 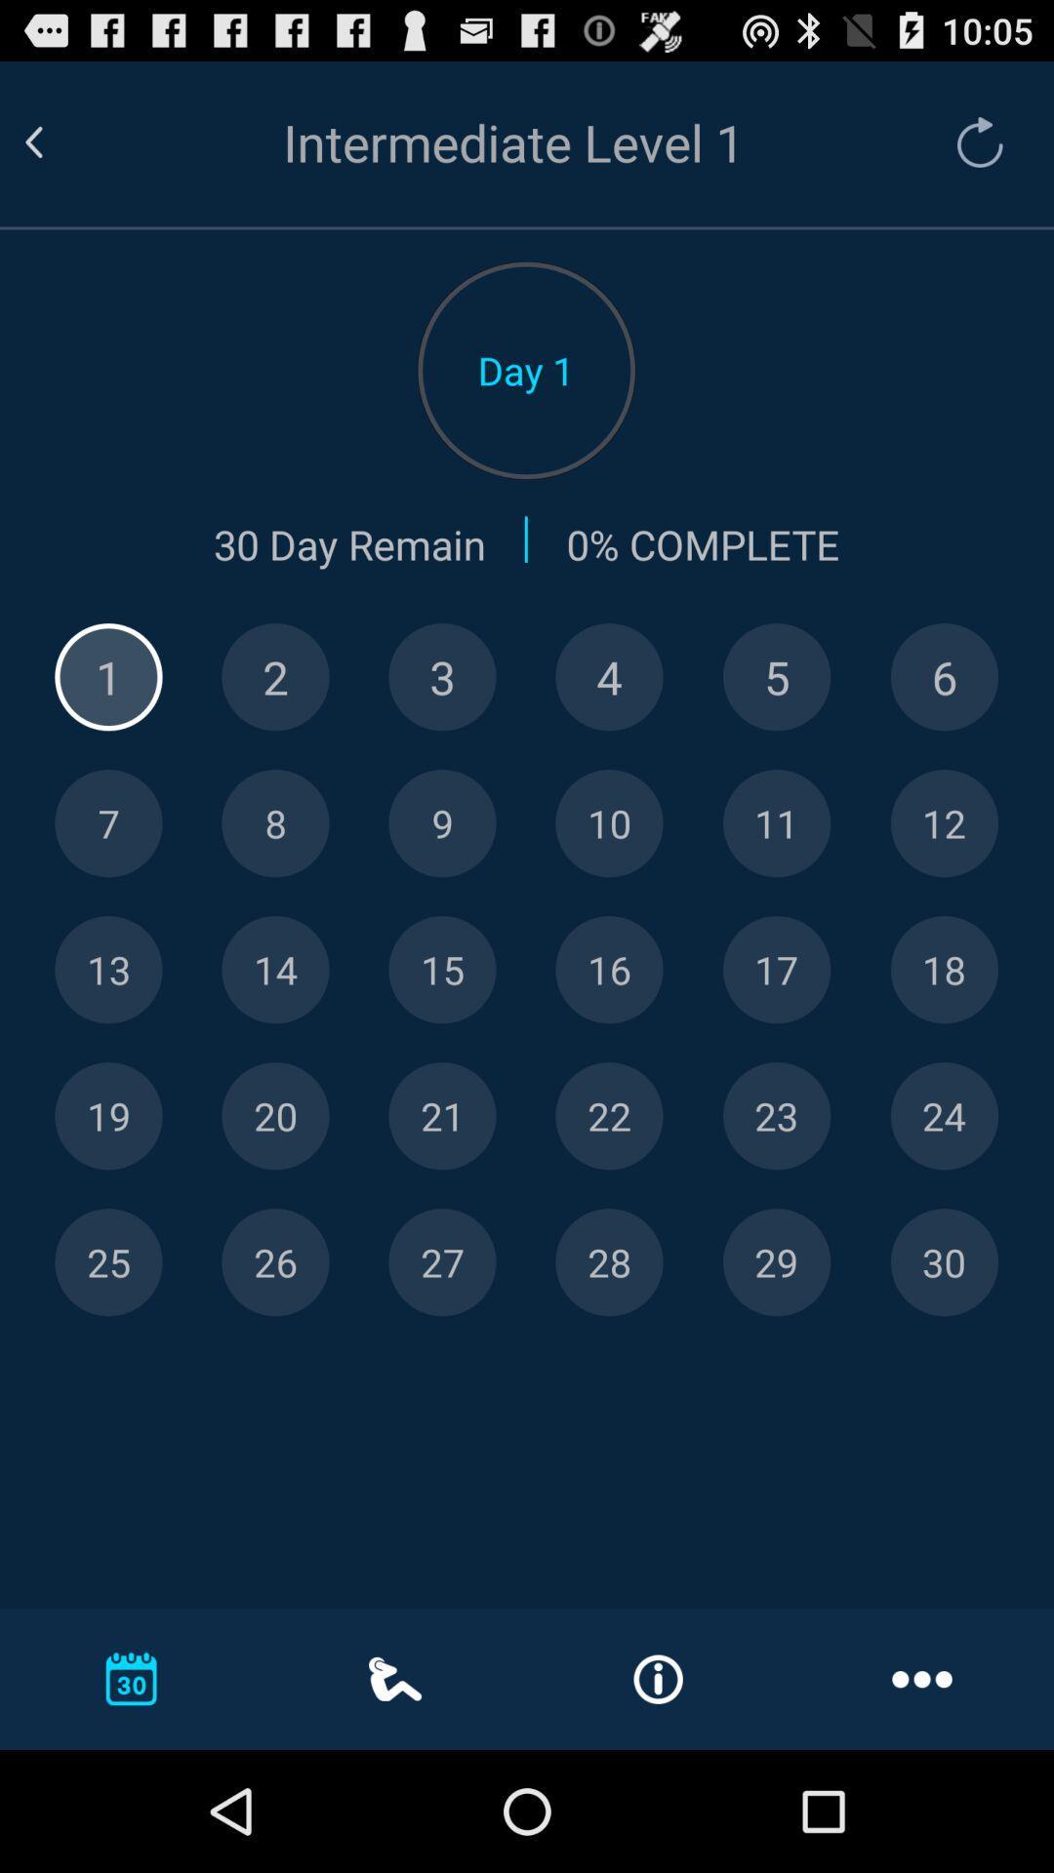 What do you see at coordinates (608, 1262) in the screenshot?
I see `day 28` at bounding box center [608, 1262].